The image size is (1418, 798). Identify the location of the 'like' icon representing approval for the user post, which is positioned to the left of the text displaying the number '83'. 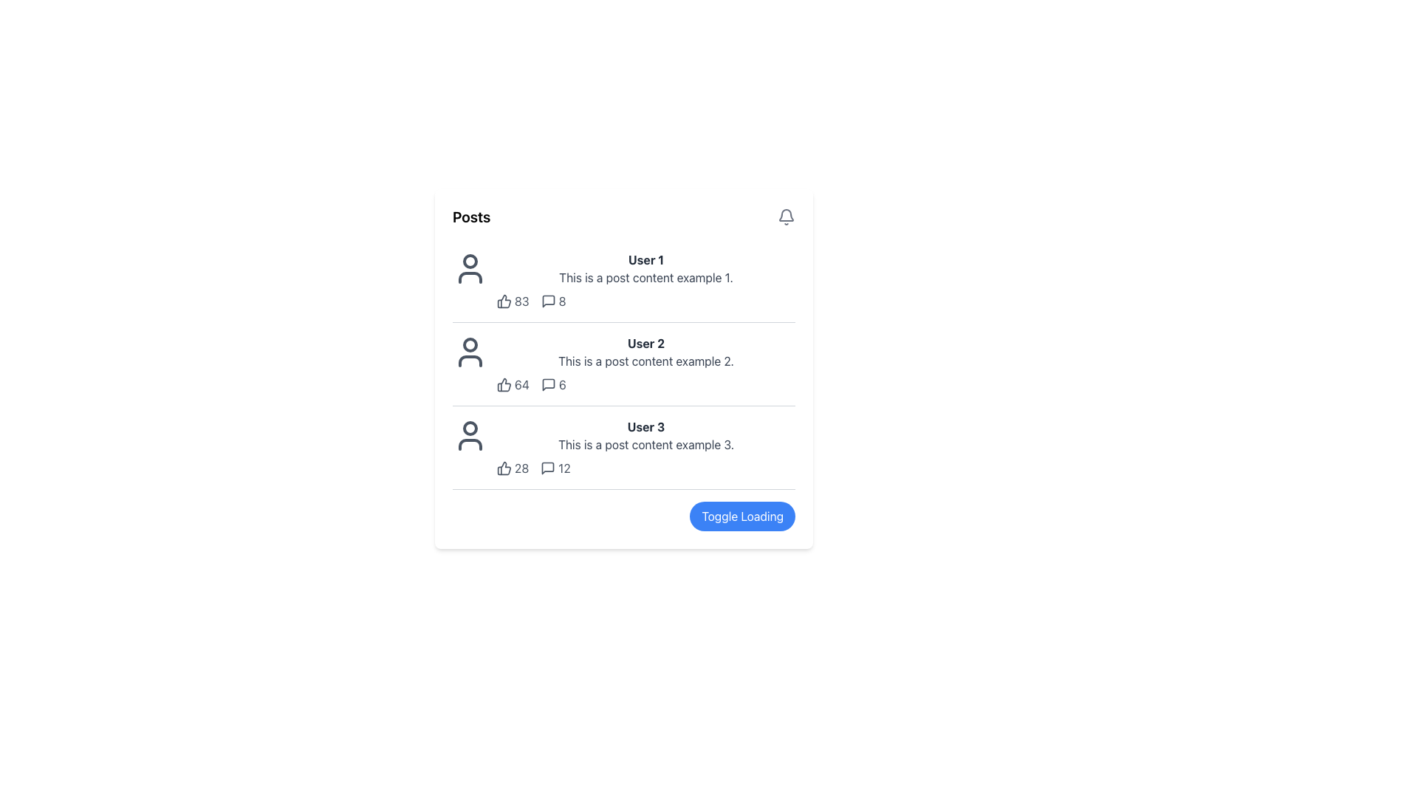
(504, 301).